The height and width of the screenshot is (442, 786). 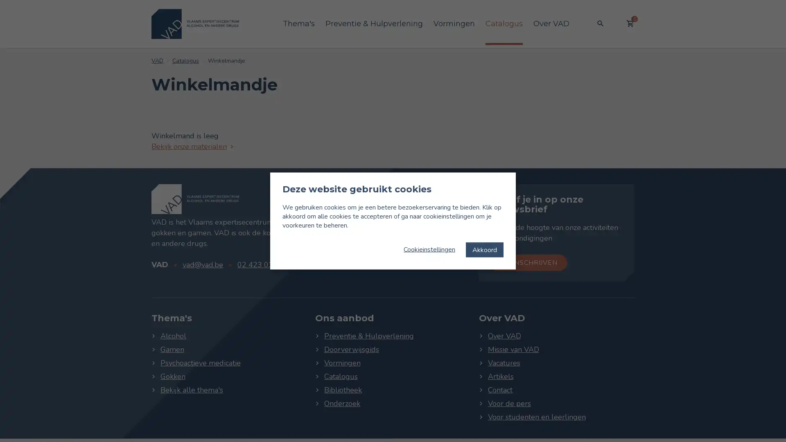 What do you see at coordinates (485, 249) in the screenshot?
I see `Akkoord` at bounding box center [485, 249].